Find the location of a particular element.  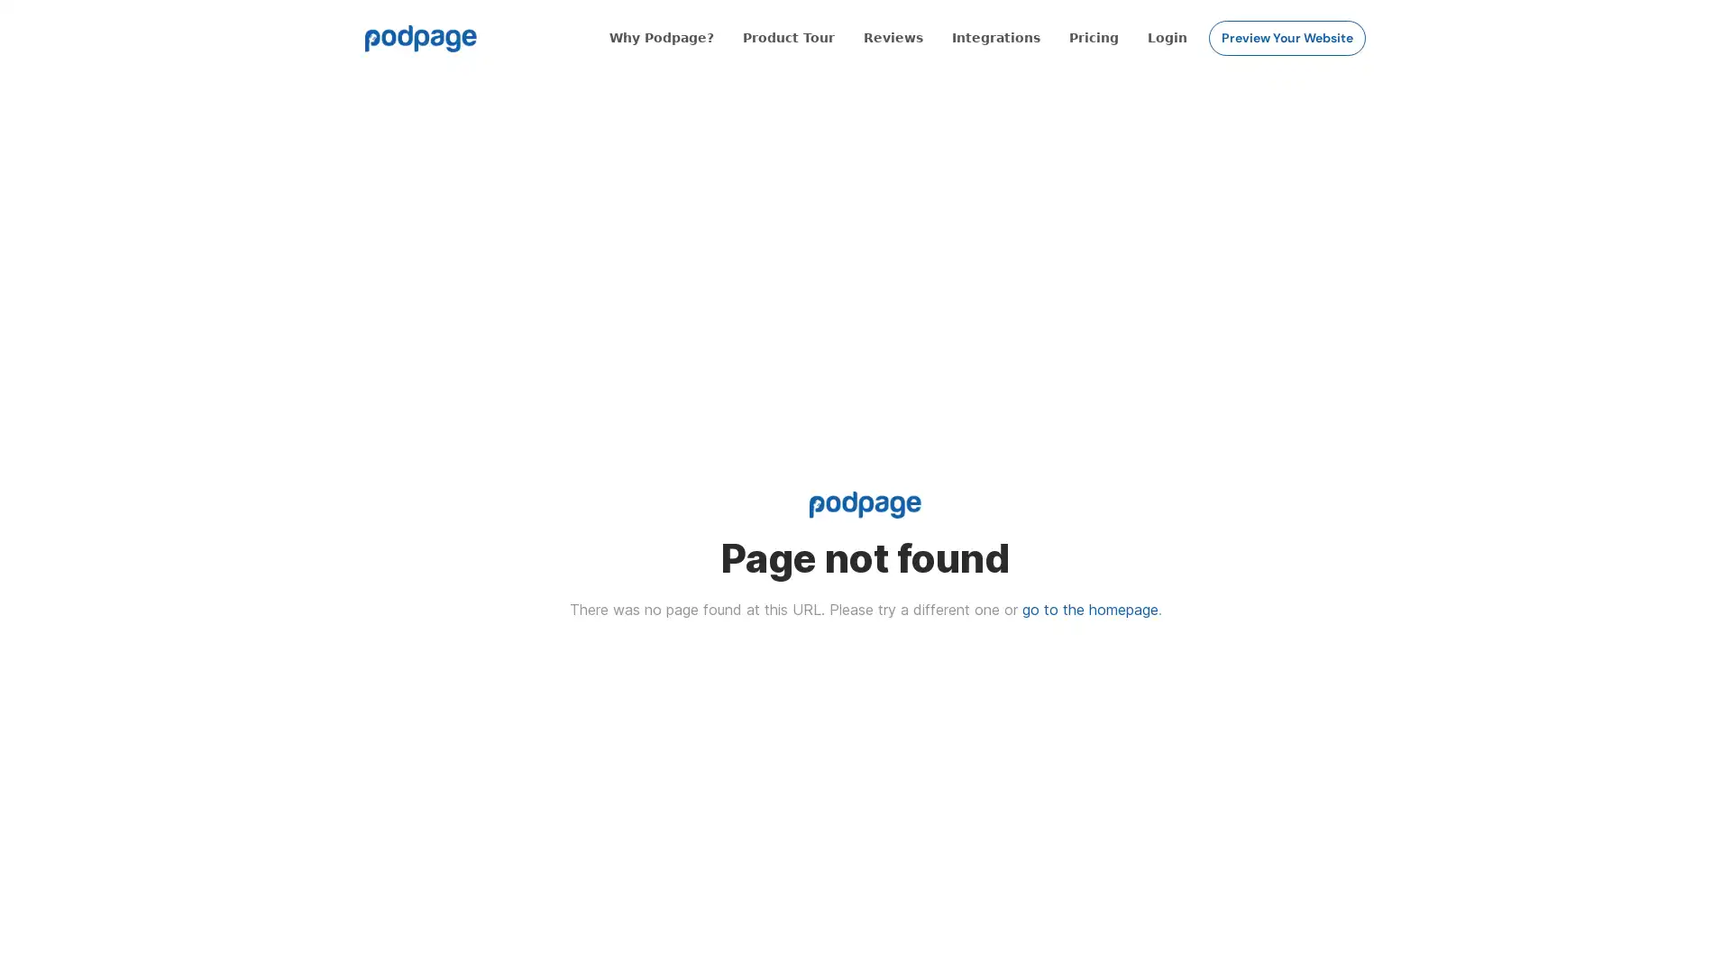

Open Intercom Messenger is located at coordinates (1685, 928).